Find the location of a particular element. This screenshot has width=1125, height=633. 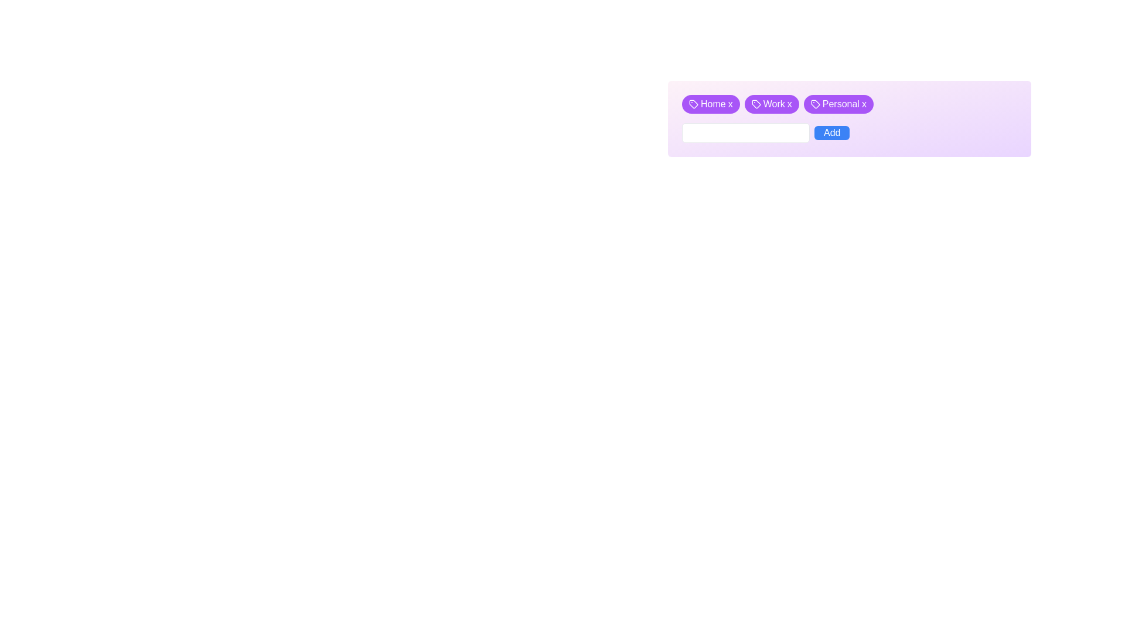

the third tag labeled 'Personal' is located at coordinates (838, 103).